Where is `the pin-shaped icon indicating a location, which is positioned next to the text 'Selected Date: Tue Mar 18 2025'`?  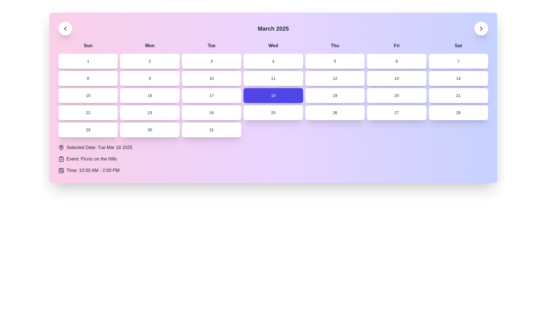
the pin-shaped icon indicating a location, which is positioned next to the text 'Selected Date: Tue Mar 18 2025' is located at coordinates (61, 147).